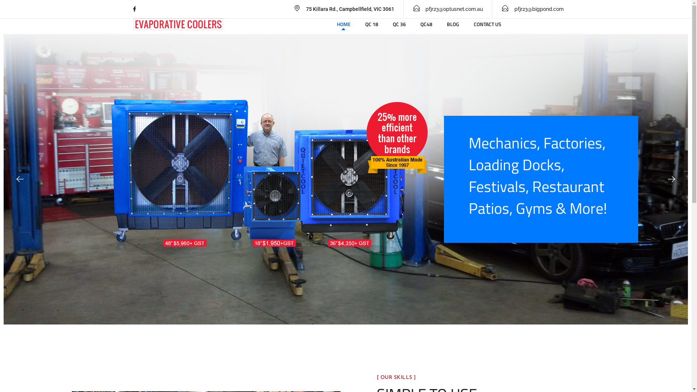 The width and height of the screenshot is (697, 392). What do you see at coordinates (371, 24) in the screenshot?
I see `'QC 18'` at bounding box center [371, 24].